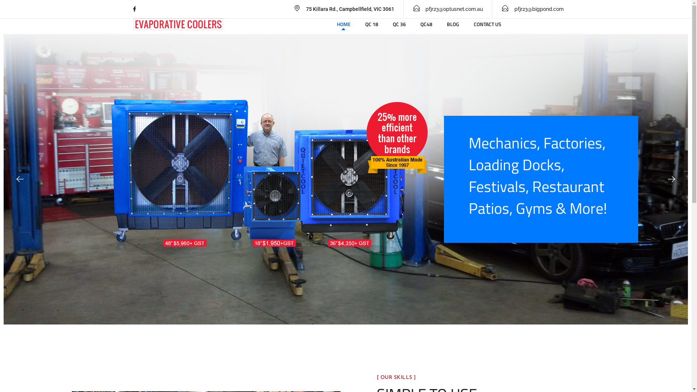 The width and height of the screenshot is (697, 392). What do you see at coordinates (371, 24) in the screenshot?
I see `'QC 18'` at bounding box center [371, 24].